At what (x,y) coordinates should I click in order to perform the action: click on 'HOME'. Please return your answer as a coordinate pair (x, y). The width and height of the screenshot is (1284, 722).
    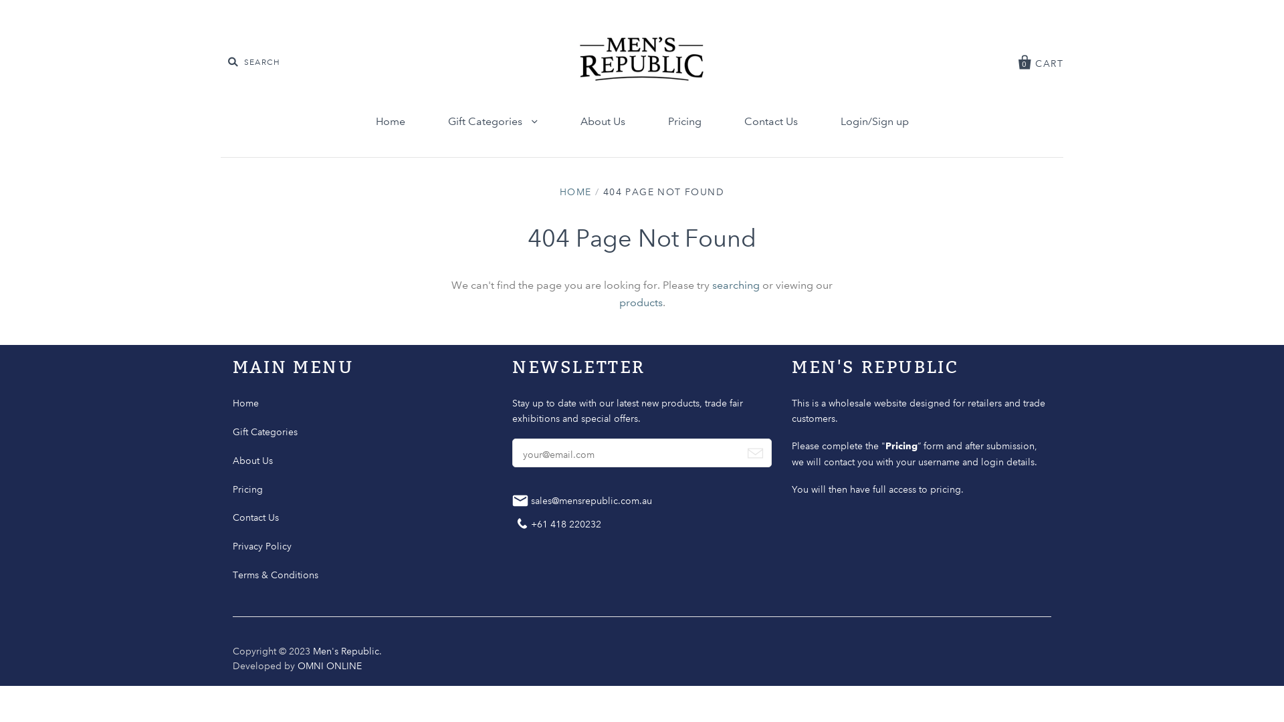
    Looking at the image, I should click on (559, 191).